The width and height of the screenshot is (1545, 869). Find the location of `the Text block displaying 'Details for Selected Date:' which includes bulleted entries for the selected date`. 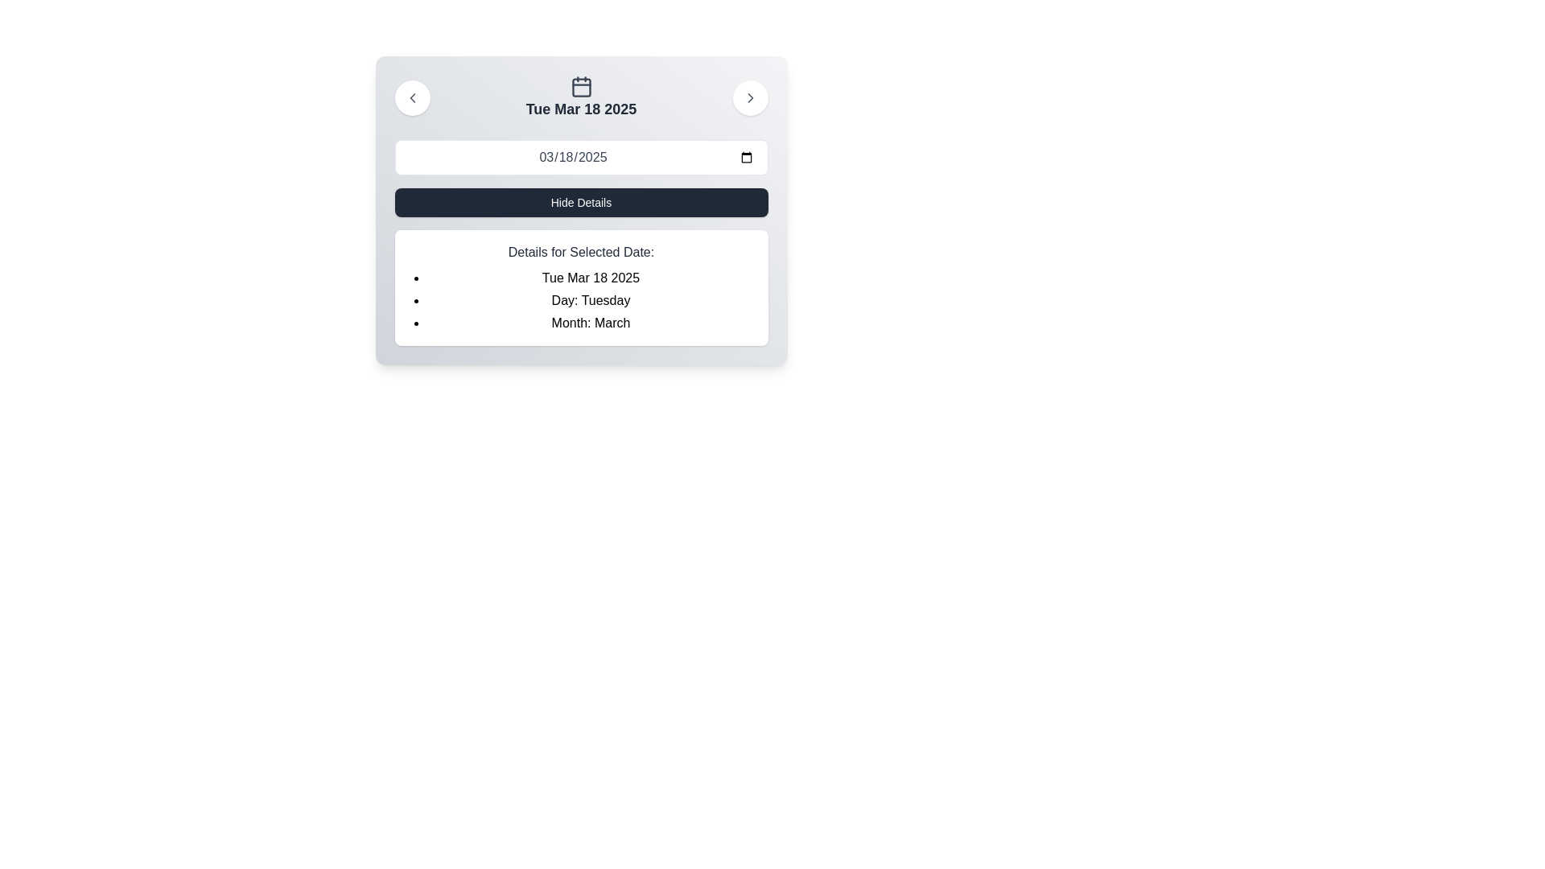

the Text block displaying 'Details for Selected Date:' which includes bulleted entries for the selected date is located at coordinates (580, 287).